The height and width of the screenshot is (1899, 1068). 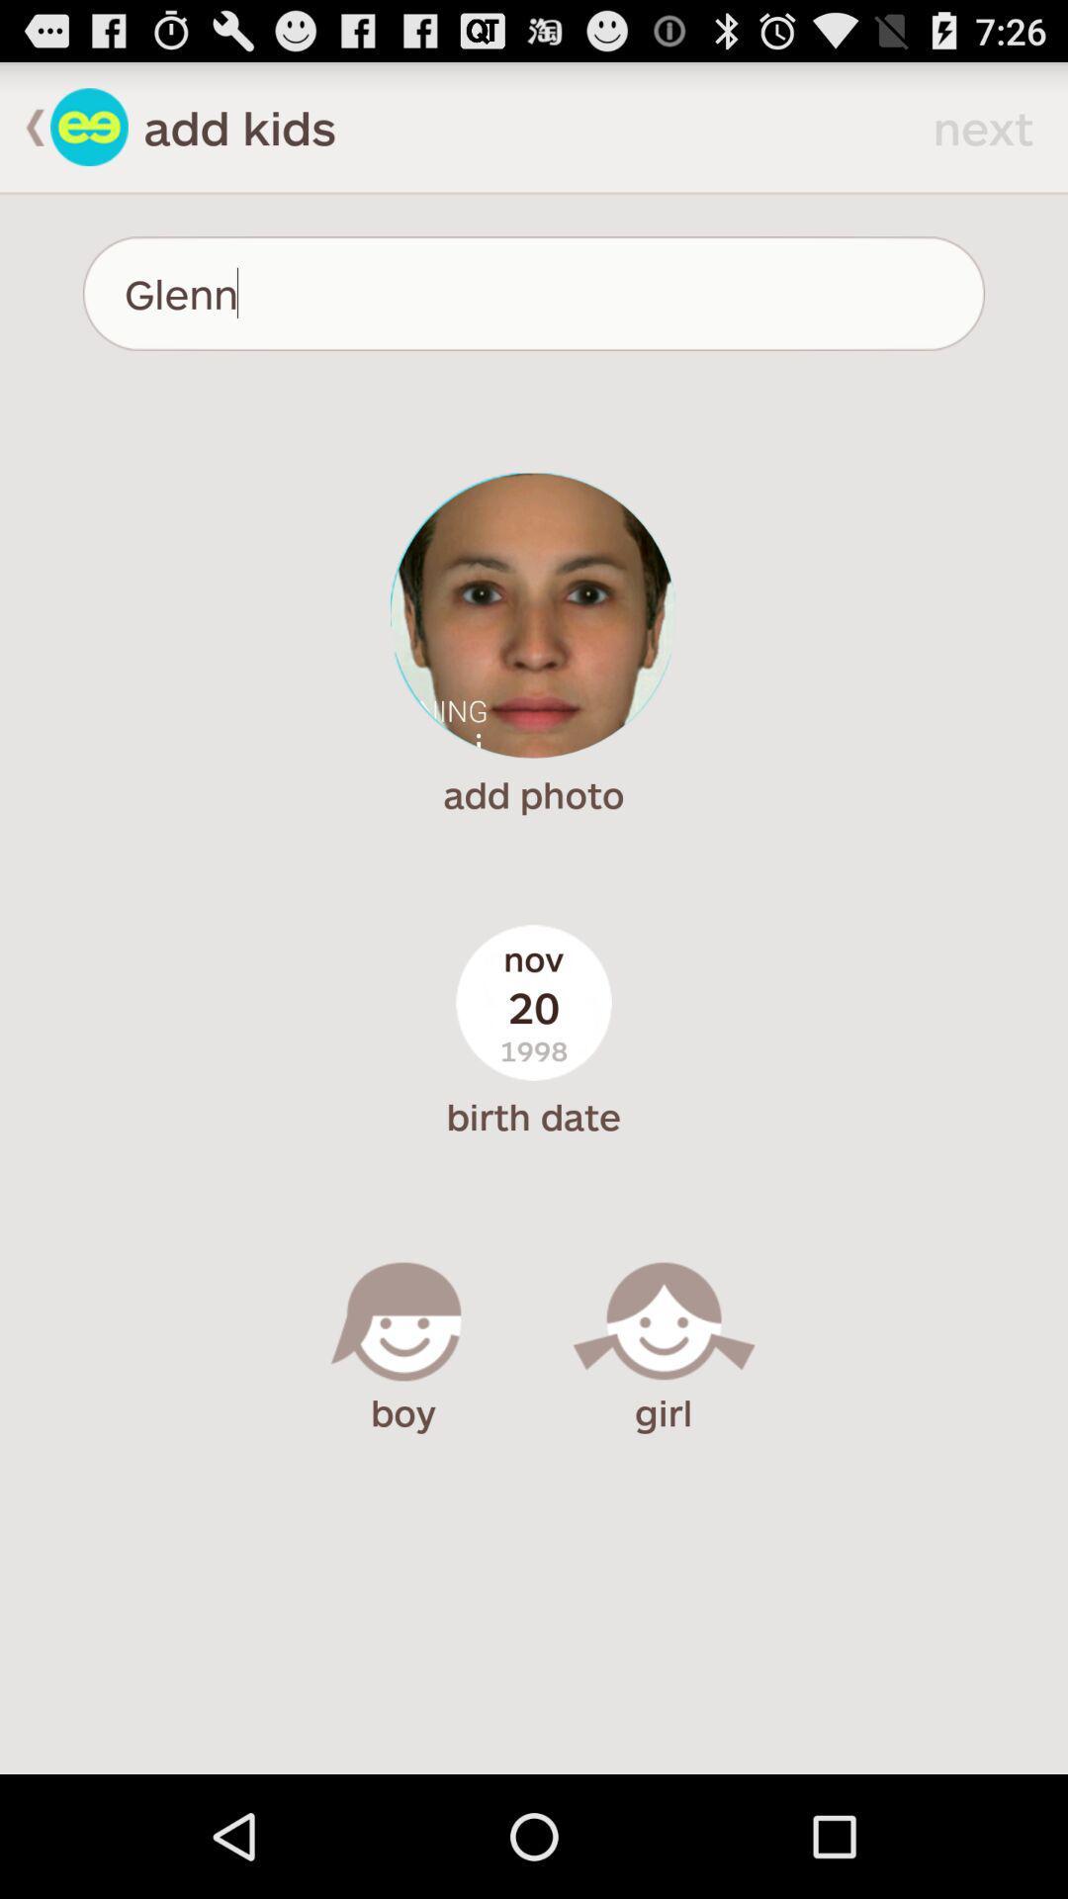 What do you see at coordinates (89, 126) in the screenshot?
I see `kids` at bounding box center [89, 126].